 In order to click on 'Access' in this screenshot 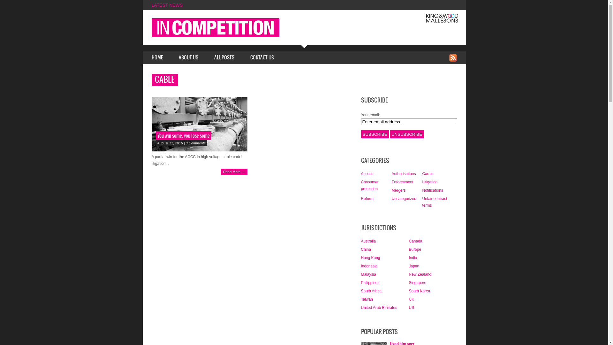, I will do `click(367, 173)`.